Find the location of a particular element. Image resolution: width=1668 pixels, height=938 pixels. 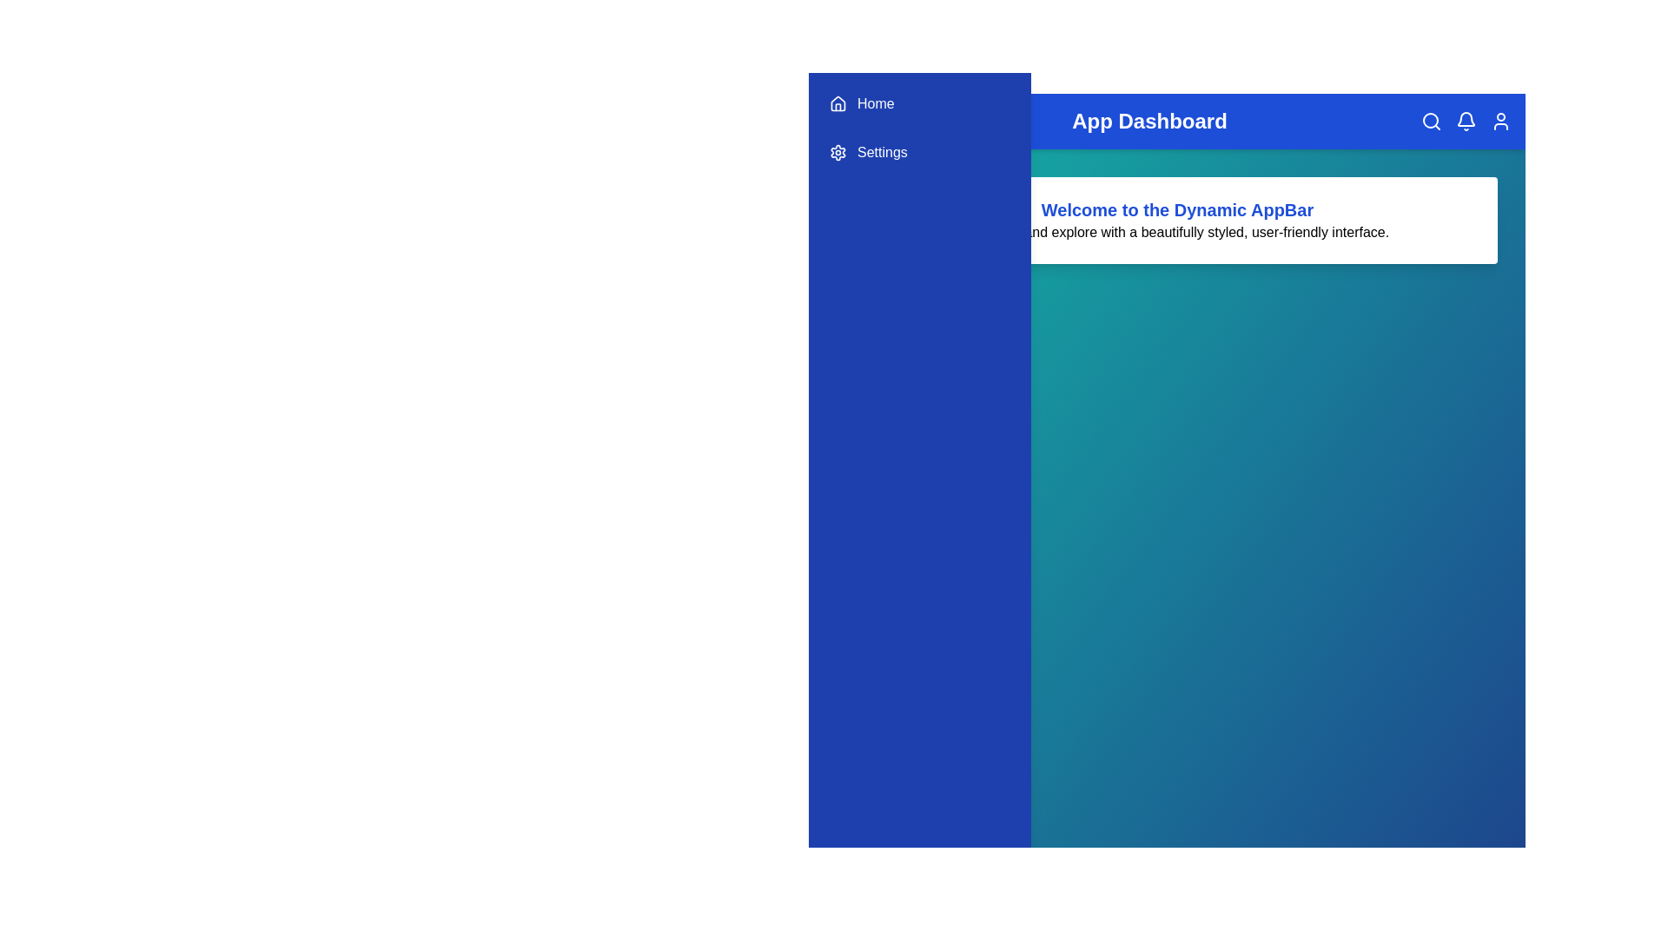

the 'Home' menu item in the sidebar navigation is located at coordinates (919, 103).